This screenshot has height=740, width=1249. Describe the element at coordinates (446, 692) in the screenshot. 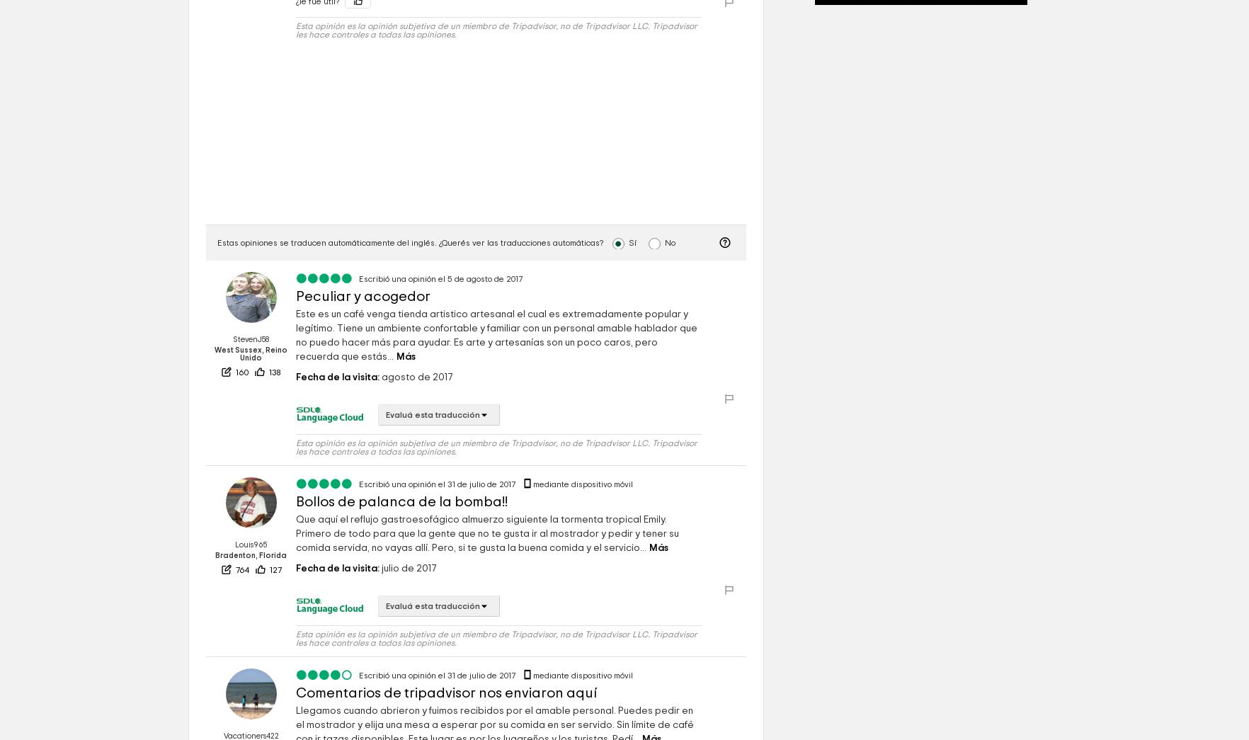

I see `'Comentarios de tripadvisor nos enviaron aquí'` at that location.